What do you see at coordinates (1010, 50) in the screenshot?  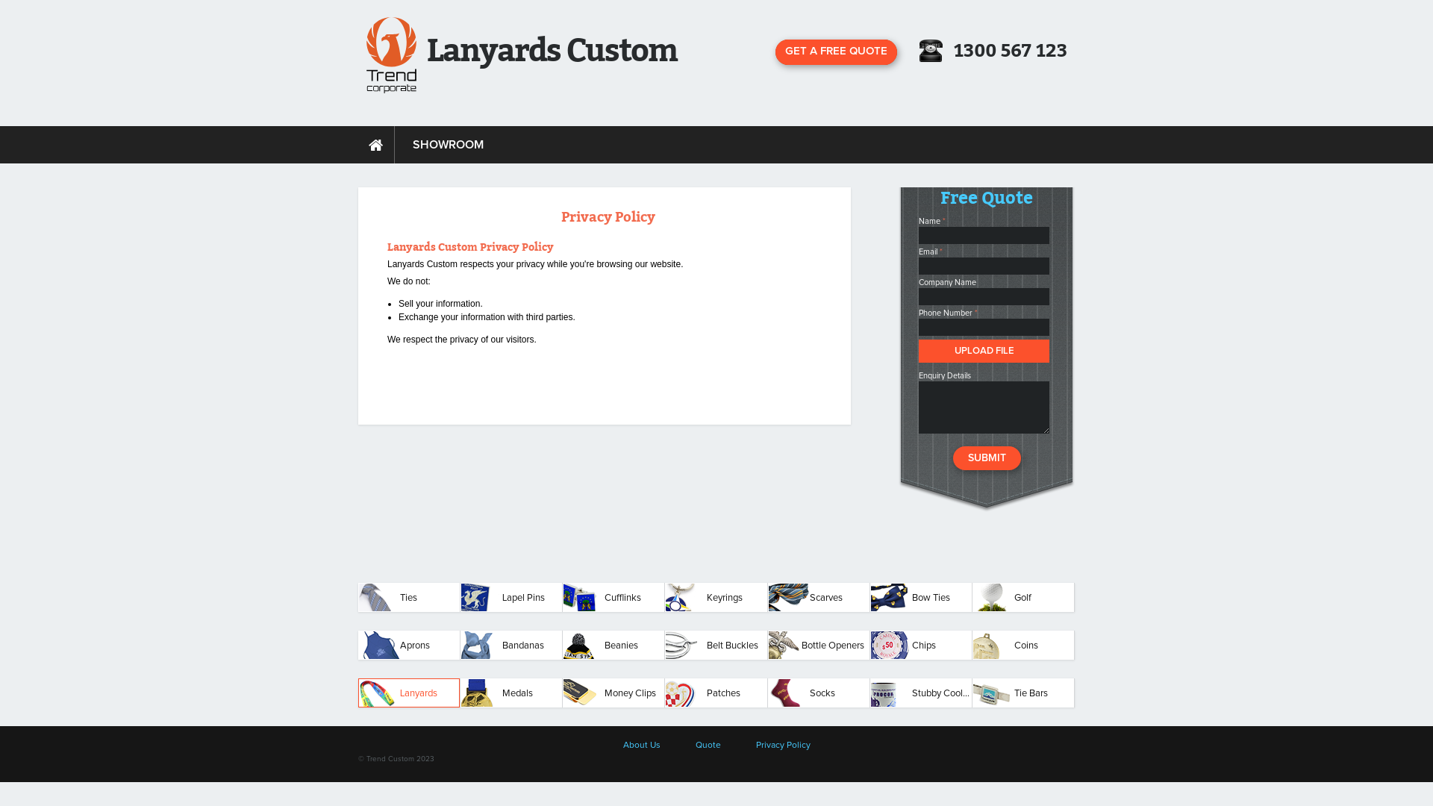 I see `'1300 567 123'` at bounding box center [1010, 50].